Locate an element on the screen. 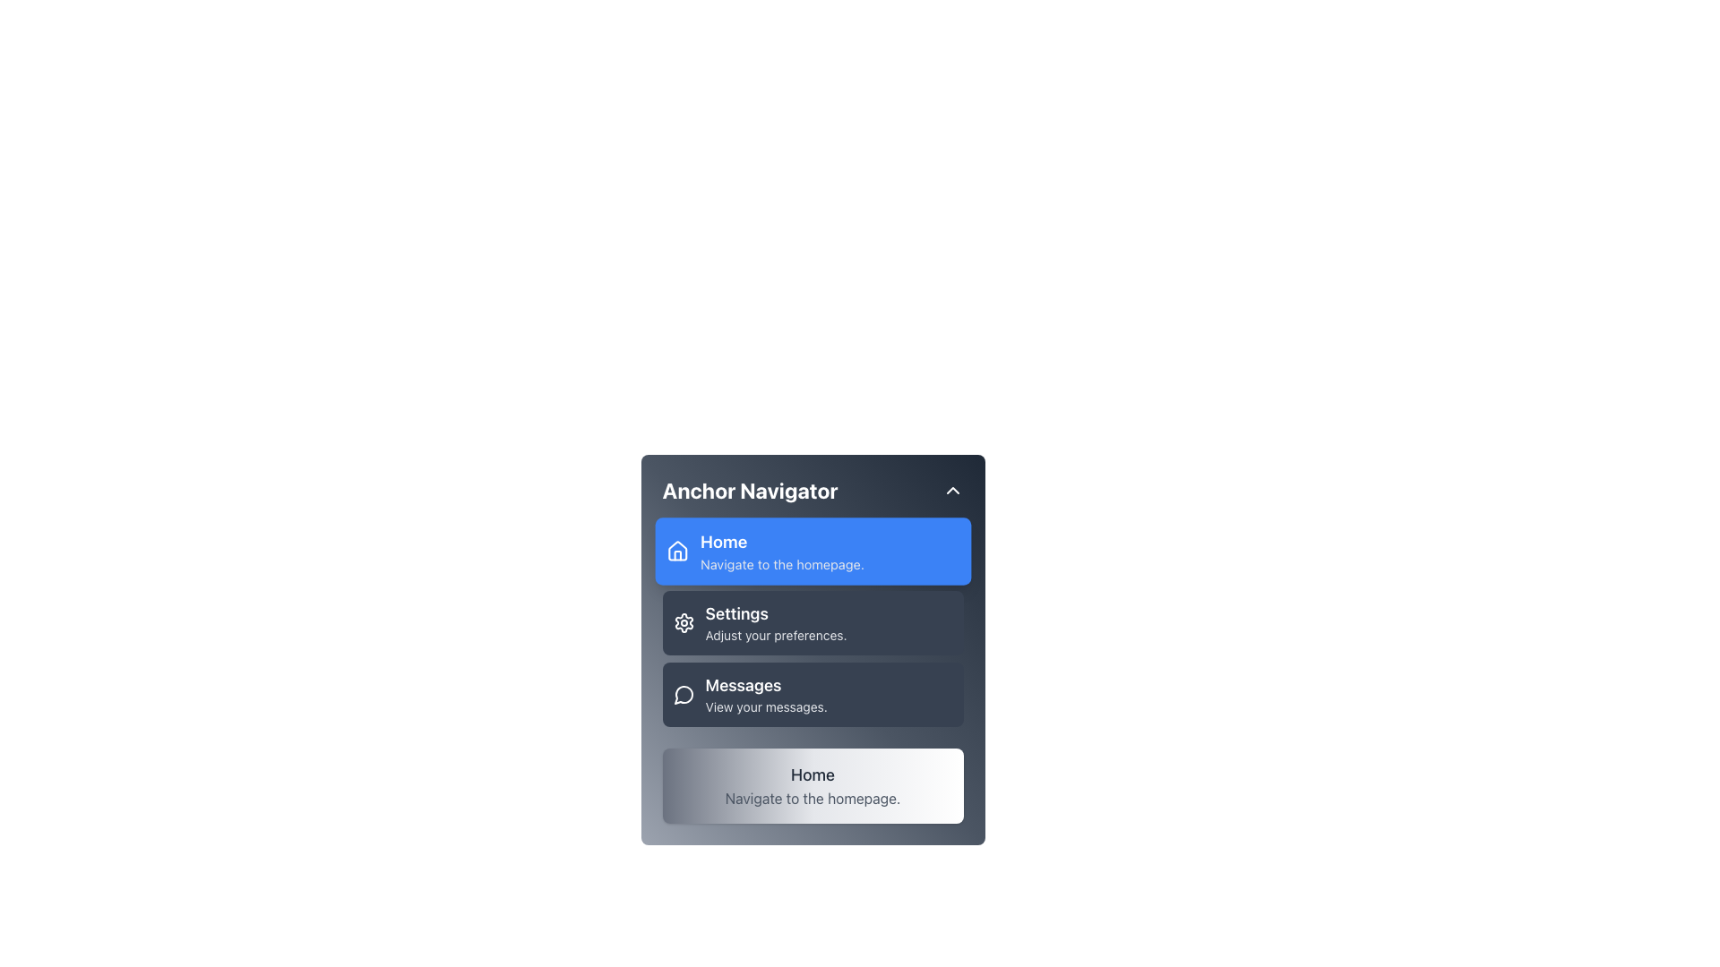 This screenshot has height=967, width=1720. text content of the element displaying 'View your messages.' located beneath the 'Messages' title in the 'Anchor Navigator' panel is located at coordinates (766, 706).